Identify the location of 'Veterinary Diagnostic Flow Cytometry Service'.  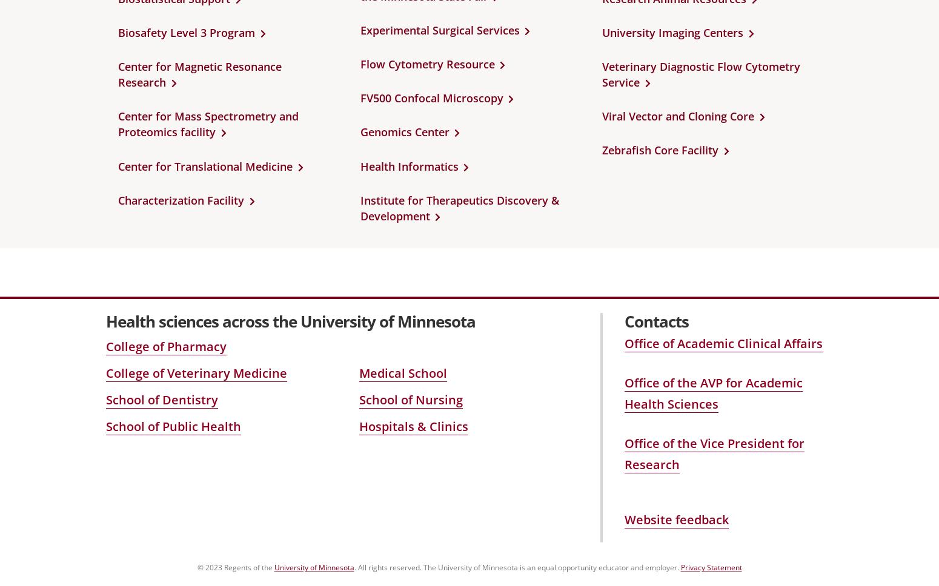
(602, 74).